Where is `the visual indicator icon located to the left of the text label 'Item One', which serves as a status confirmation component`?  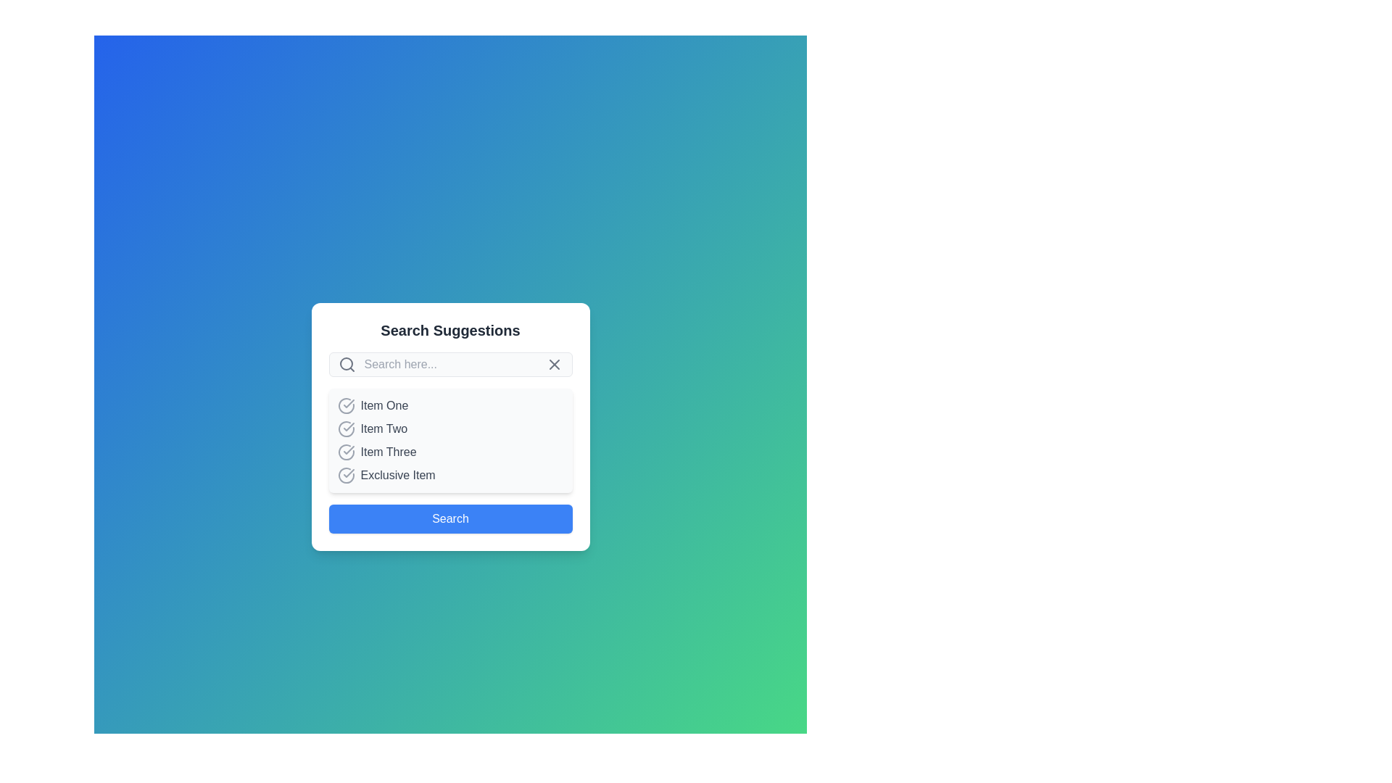 the visual indicator icon located to the left of the text label 'Item One', which serves as a status confirmation component is located at coordinates (348, 403).